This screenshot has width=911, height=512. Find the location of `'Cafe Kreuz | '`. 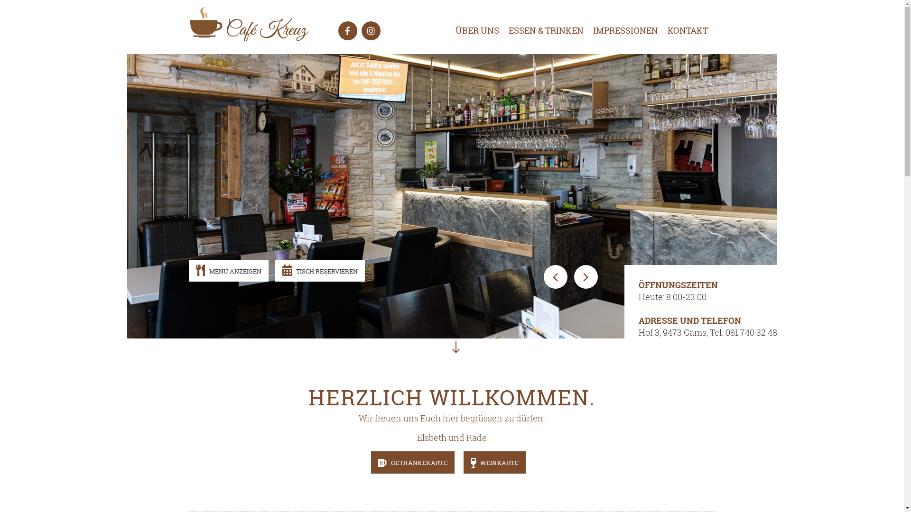

'Cafe Kreuz | ' is located at coordinates (249, 23).